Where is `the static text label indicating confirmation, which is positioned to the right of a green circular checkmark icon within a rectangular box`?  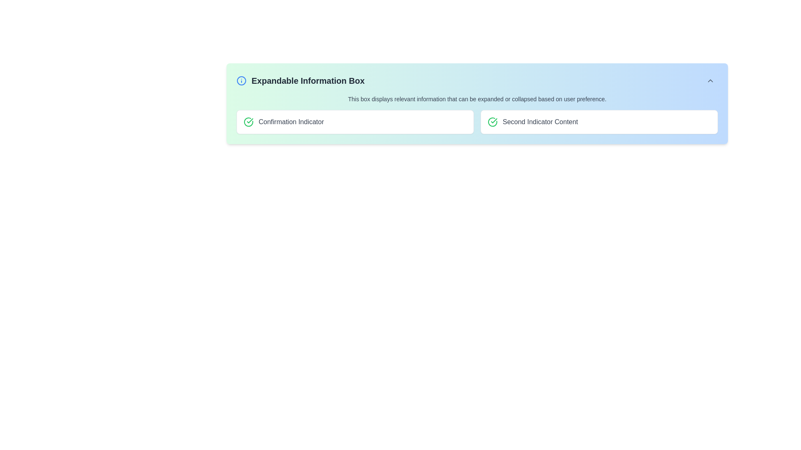 the static text label indicating confirmation, which is positioned to the right of a green circular checkmark icon within a rectangular box is located at coordinates (291, 122).